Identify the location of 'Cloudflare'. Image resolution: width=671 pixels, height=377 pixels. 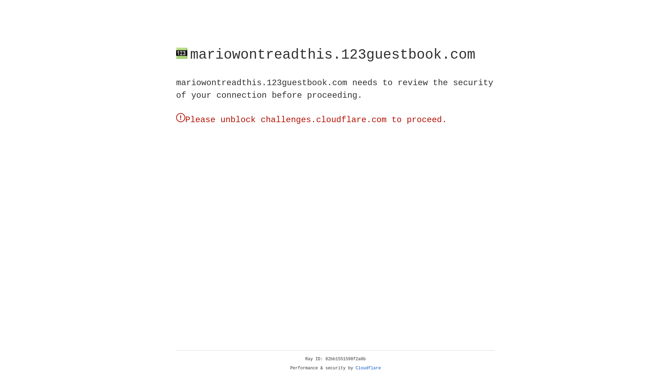
(368, 368).